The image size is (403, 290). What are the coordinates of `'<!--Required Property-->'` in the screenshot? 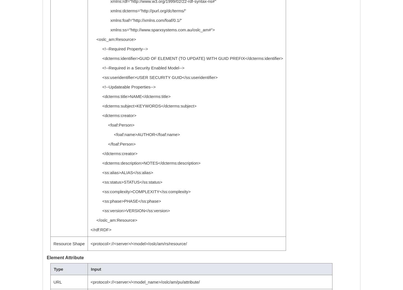 It's located at (119, 49).